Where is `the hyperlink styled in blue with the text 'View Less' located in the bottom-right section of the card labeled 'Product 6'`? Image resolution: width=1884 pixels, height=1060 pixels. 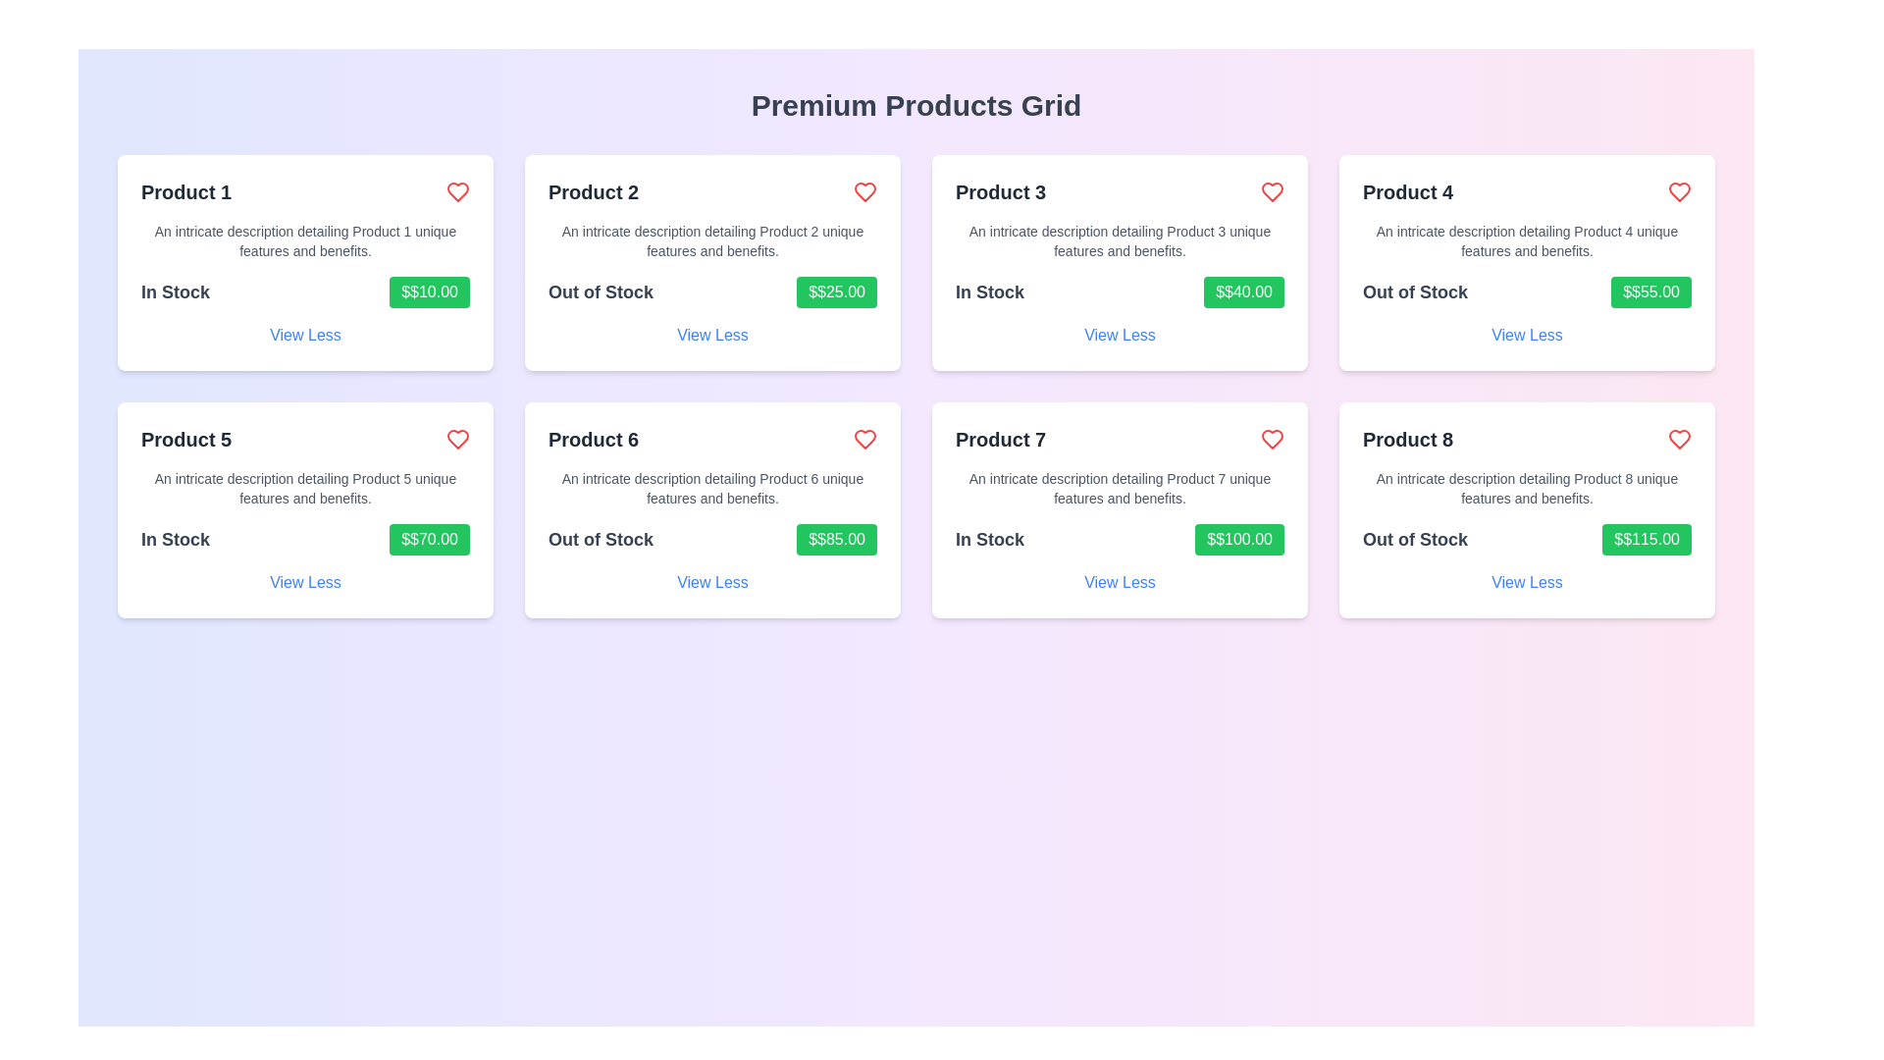
the hyperlink styled in blue with the text 'View Less' located in the bottom-right section of the card labeled 'Product 6' is located at coordinates (711, 582).